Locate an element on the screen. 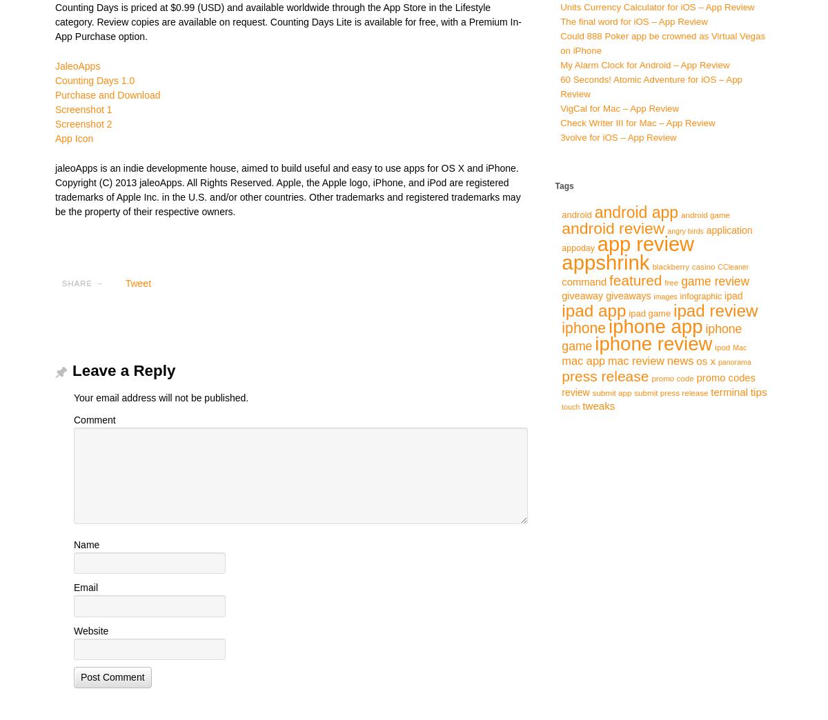  'iphone review' is located at coordinates (653, 343).